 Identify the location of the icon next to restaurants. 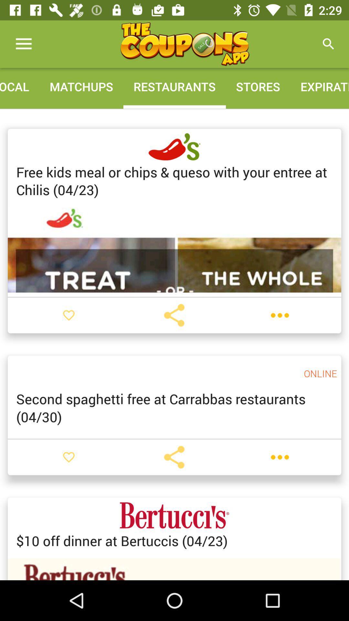
(258, 86).